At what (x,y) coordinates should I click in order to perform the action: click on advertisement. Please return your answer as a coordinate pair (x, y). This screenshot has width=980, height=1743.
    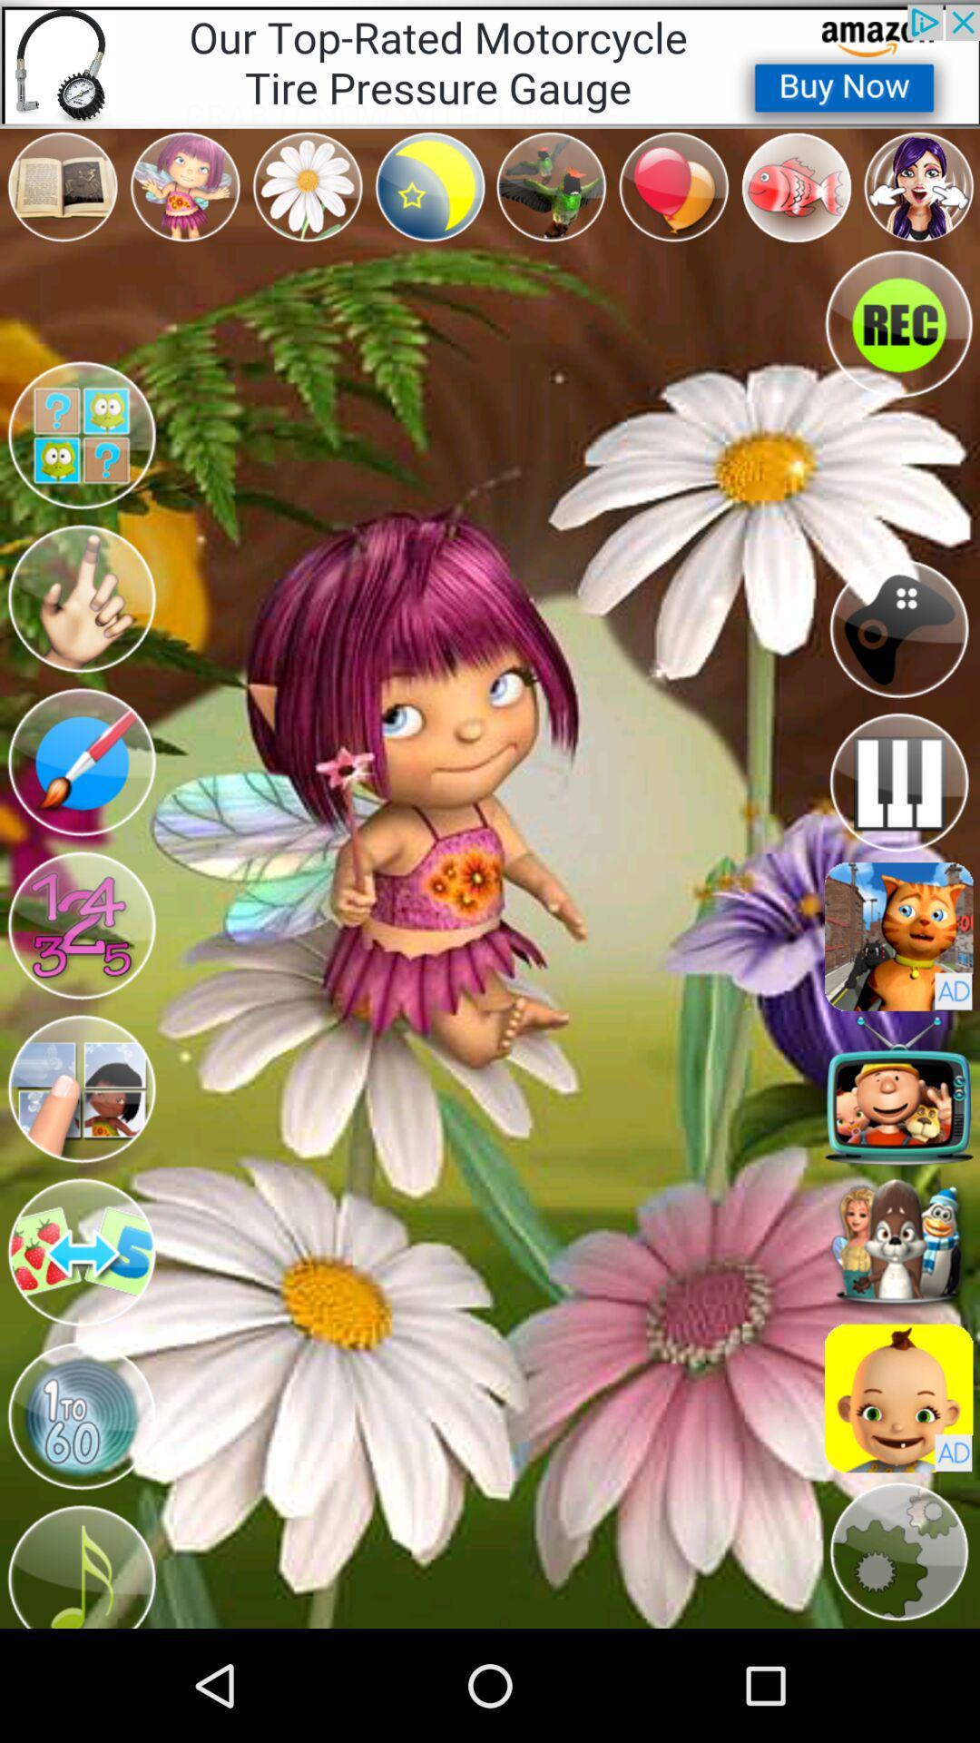
    Looking at the image, I should click on (898, 937).